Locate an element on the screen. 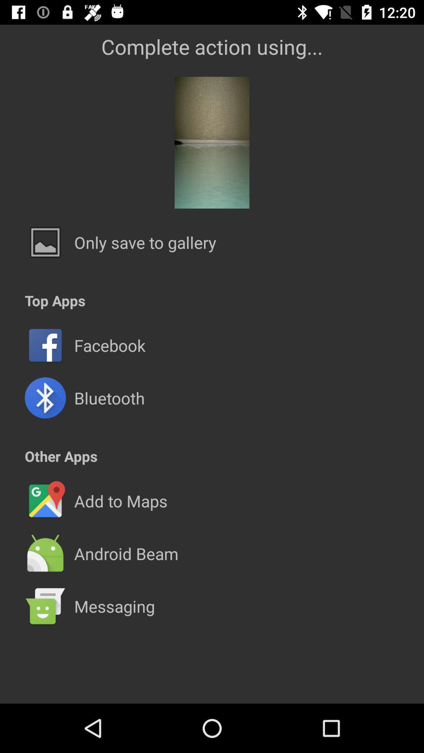 The width and height of the screenshot is (424, 753). icon below the top apps is located at coordinates (212, 319).